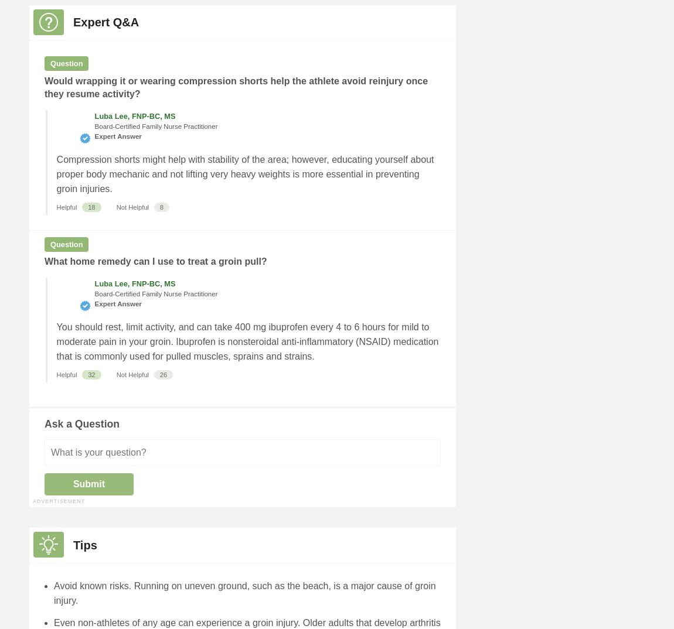  What do you see at coordinates (81, 423) in the screenshot?
I see `'Ask a Question'` at bounding box center [81, 423].